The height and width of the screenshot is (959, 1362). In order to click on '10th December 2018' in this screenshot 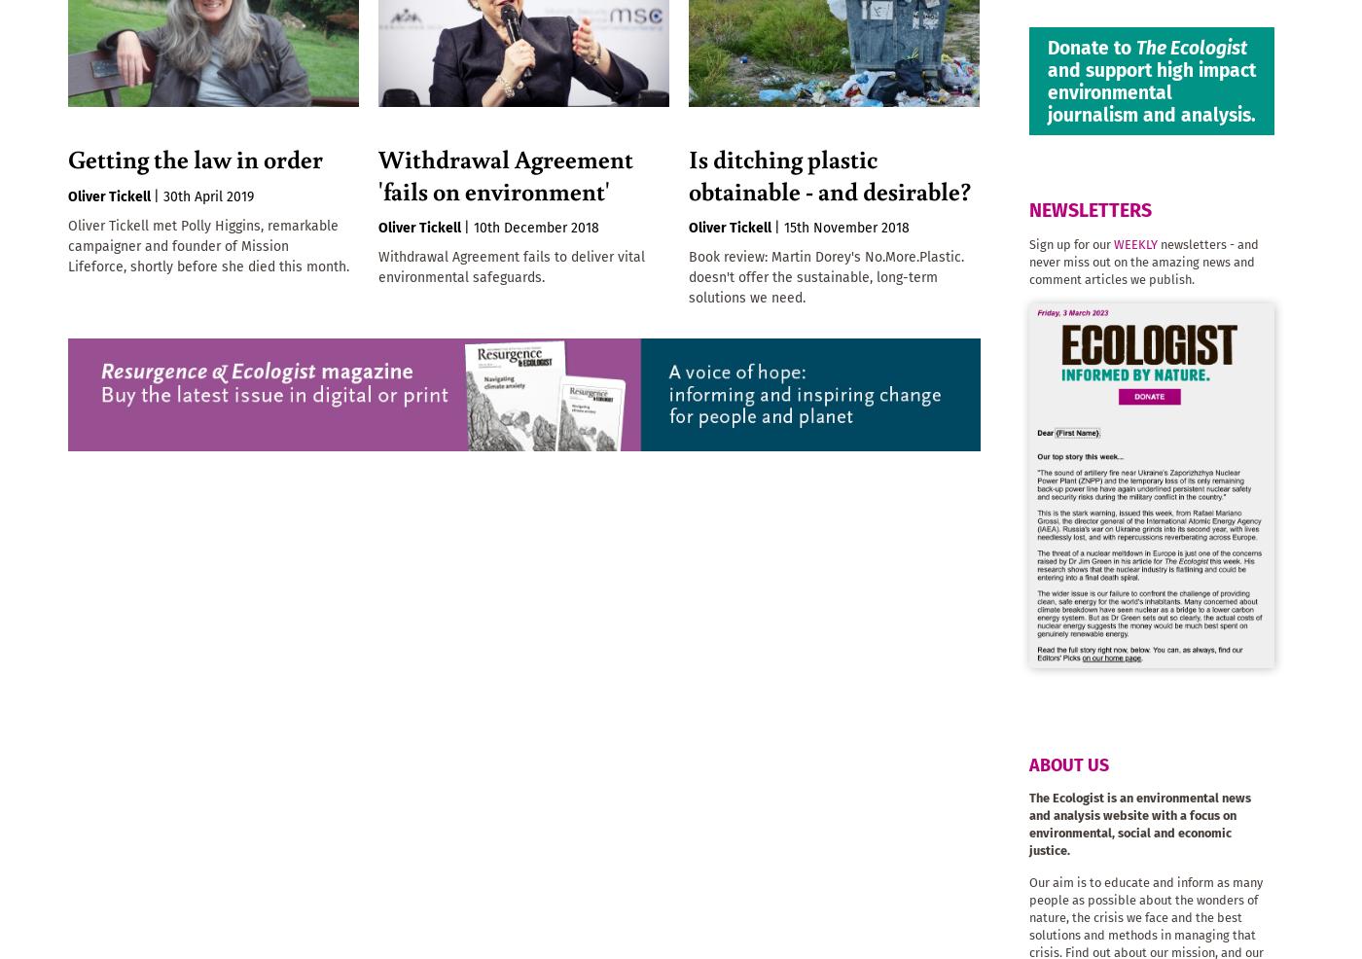, I will do `click(536, 226)`.